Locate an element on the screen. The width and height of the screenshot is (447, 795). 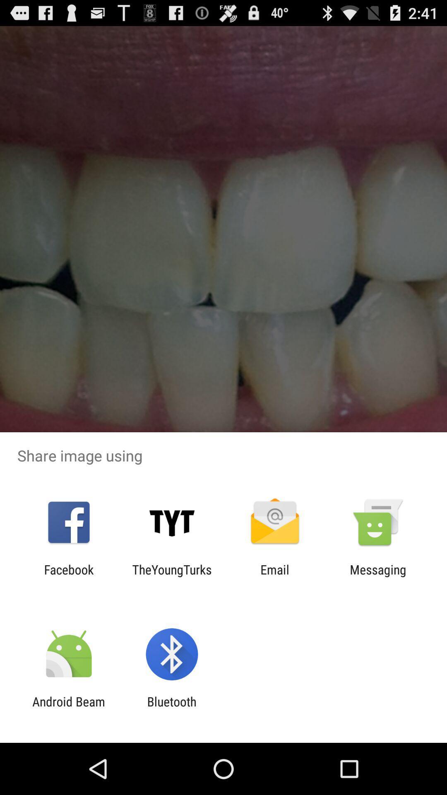
the bluetooth app is located at coordinates (171, 708).